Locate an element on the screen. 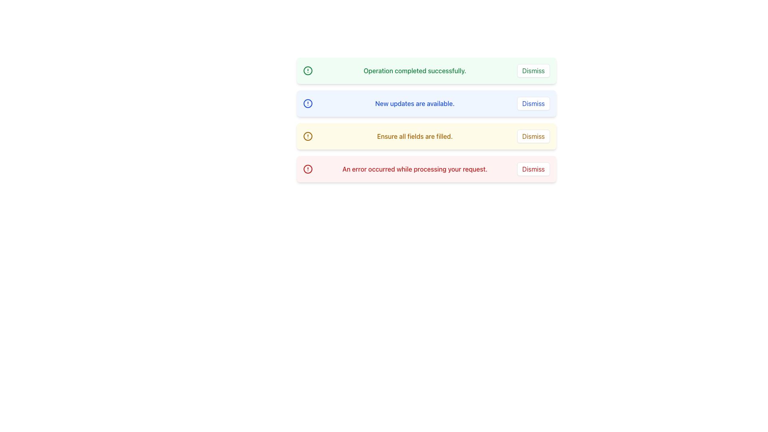  the notification icon that indicates updates, located in the second notification box with a light blue background, next to the text 'New updates are available.' is located at coordinates (307, 103).